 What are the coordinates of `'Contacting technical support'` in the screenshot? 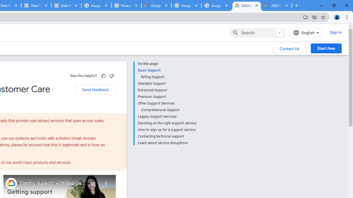 It's located at (167, 136).